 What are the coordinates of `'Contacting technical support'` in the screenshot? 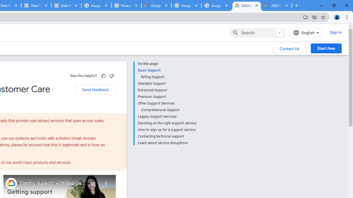 It's located at (167, 136).